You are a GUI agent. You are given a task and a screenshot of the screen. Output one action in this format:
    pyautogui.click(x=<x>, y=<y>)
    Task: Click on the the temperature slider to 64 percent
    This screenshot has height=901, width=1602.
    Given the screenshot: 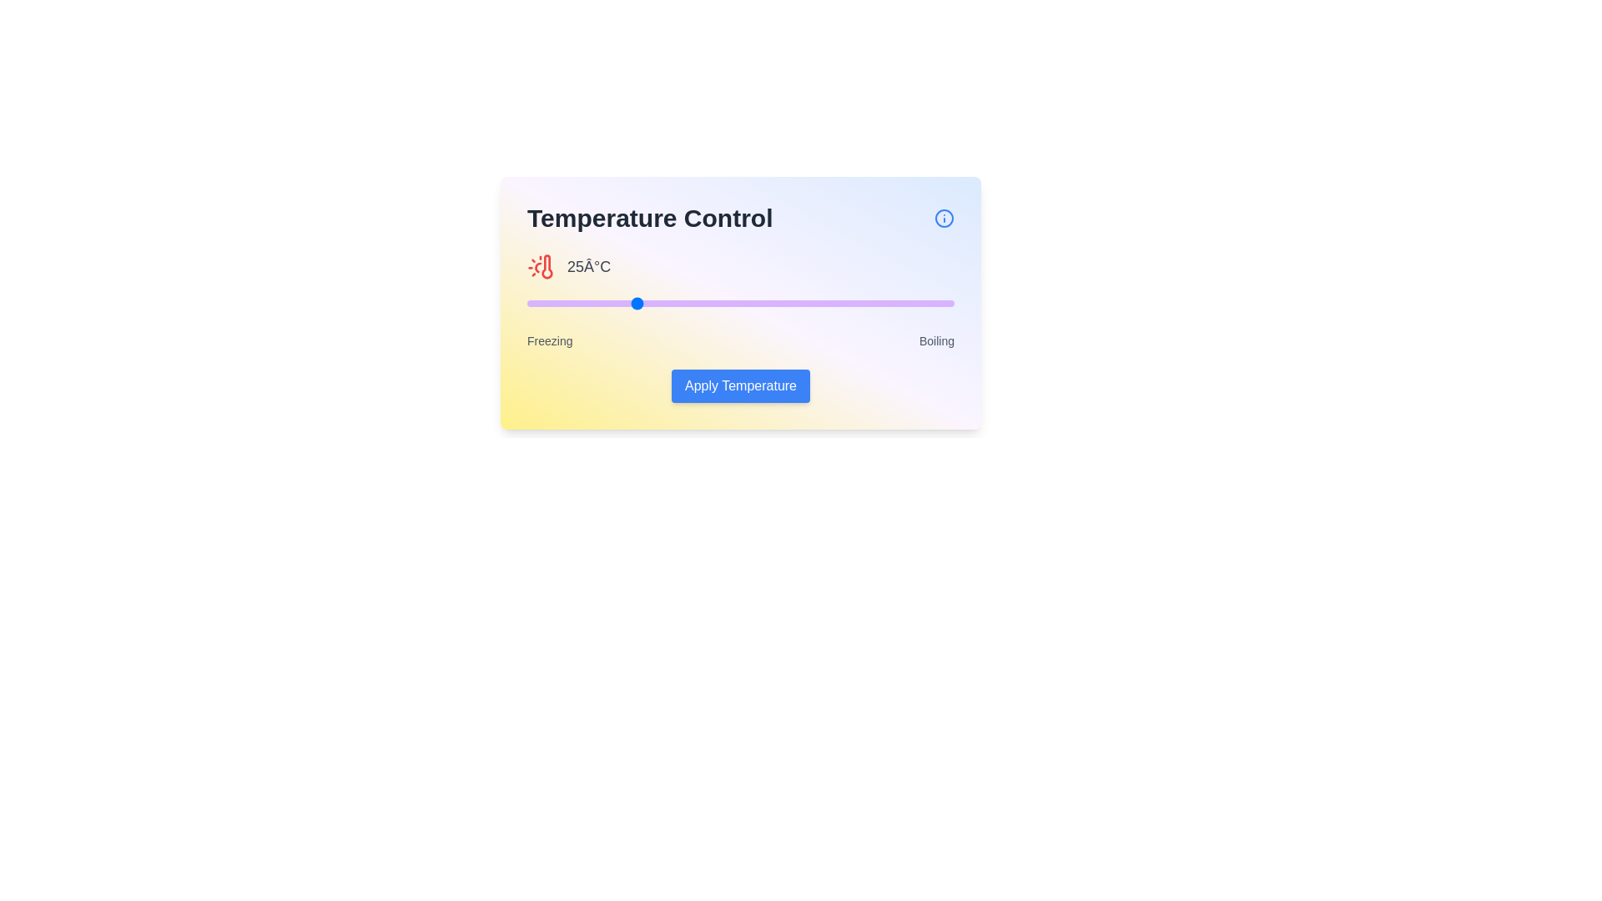 What is the action you would take?
    pyautogui.click(x=799, y=303)
    